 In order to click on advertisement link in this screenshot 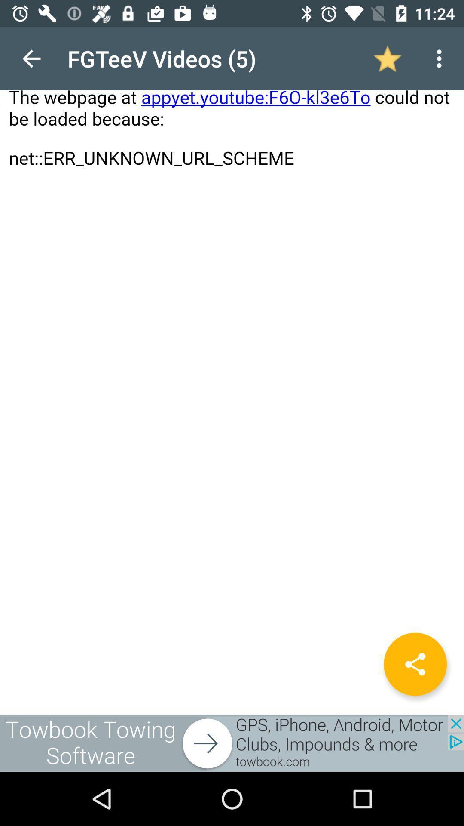, I will do `click(232, 743)`.